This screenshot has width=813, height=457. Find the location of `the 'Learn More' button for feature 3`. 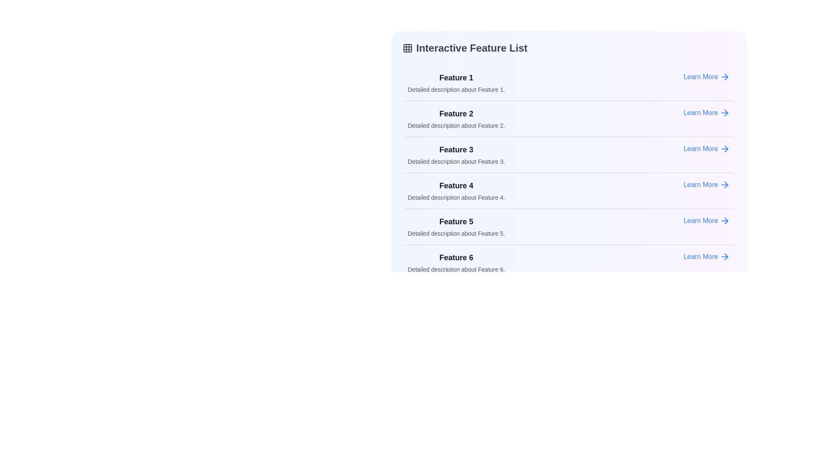

the 'Learn More' button for feature 3 is located at coordinates (707, 148).